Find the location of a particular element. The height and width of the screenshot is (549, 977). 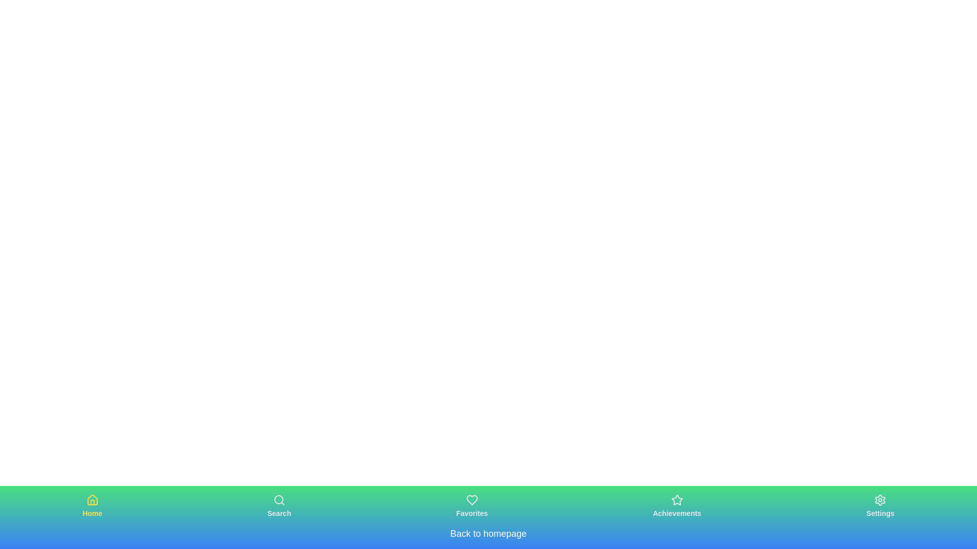

the tab labeled Home is located at coordinates (92, 506).